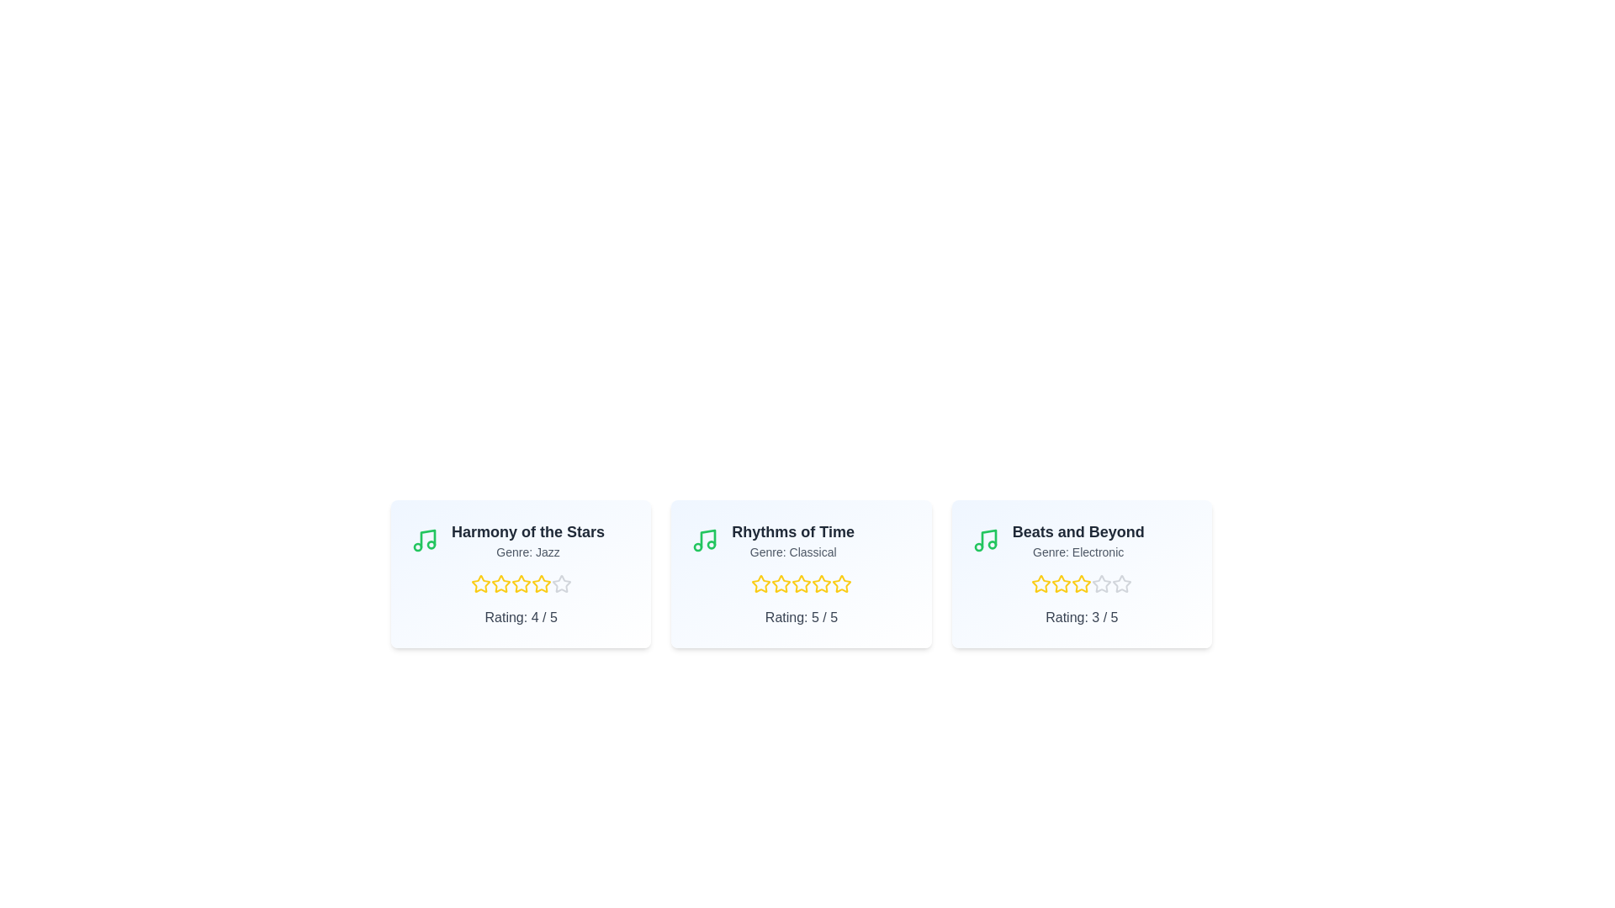  I want to click on the musical note icon for the album Harmony of the Stars, so click(424, 541).